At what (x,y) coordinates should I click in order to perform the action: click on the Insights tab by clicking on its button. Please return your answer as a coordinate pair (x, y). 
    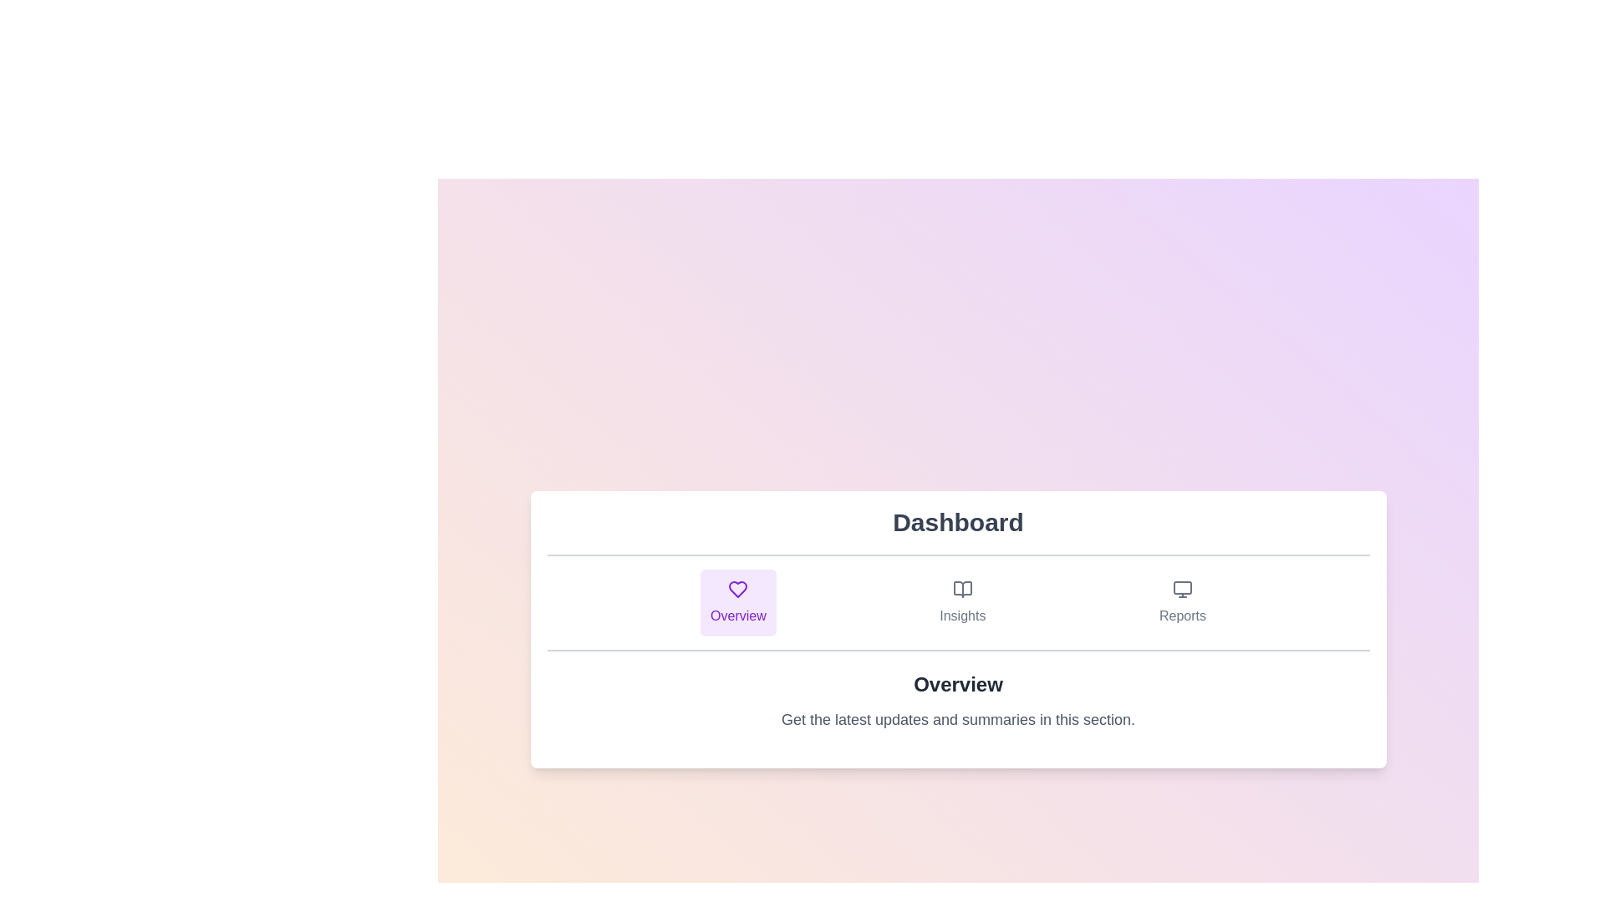
    Looking at the image, I should click on (962, 602).